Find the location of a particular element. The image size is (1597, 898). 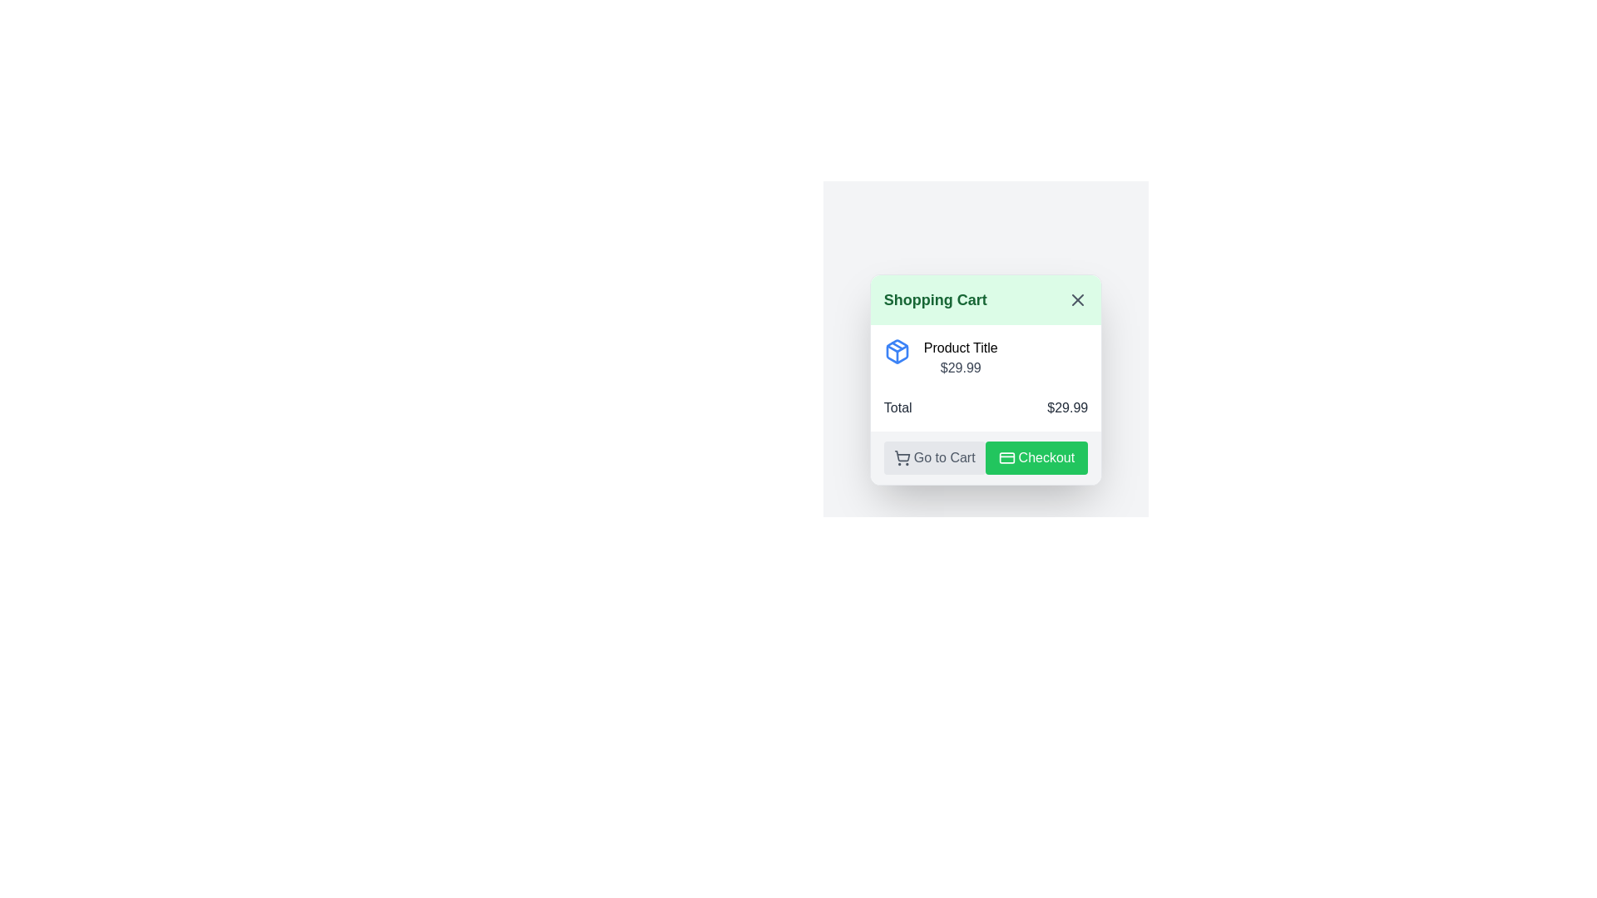

the bold text label reading 'Shopping Cart' displayed in a large, green-styled font, located at the top of a light green background box in the shopping cart dialog is located at coordinates (935, 300).